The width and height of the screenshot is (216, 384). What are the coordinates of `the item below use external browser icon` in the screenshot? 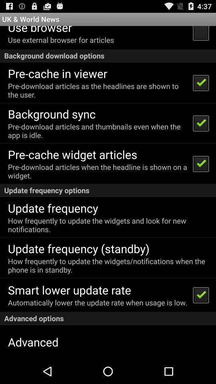 It's located at (108, 55).